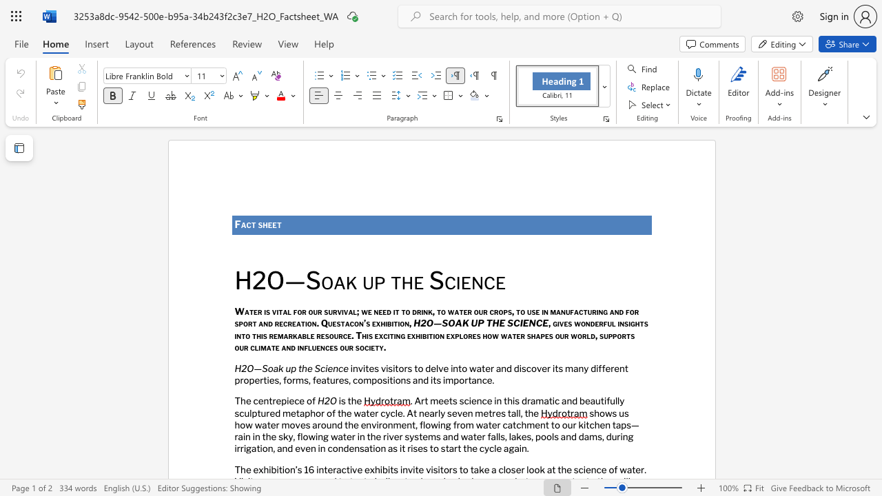 This screenshot has height=496, width=882. I want to click on the subset text "he Scie" within the text "H2O—Soak up the Science", so click(301, 367).